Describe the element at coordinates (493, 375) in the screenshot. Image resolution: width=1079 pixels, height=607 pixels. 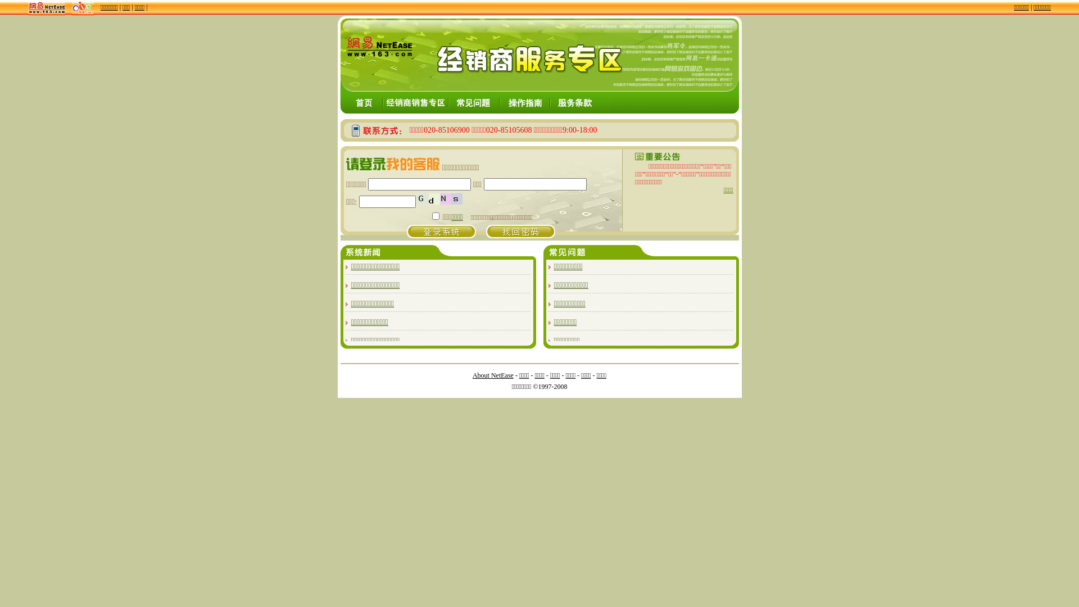
I see `'About NetEase'` at that location.